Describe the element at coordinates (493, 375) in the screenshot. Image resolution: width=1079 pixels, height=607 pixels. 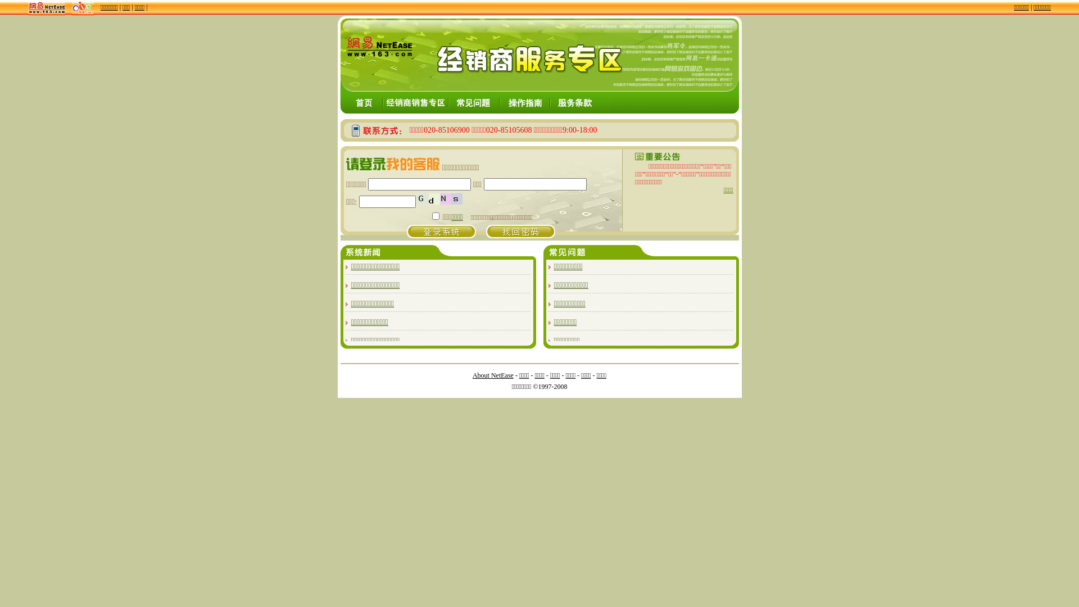
I see `'About NetEase'` at that location.